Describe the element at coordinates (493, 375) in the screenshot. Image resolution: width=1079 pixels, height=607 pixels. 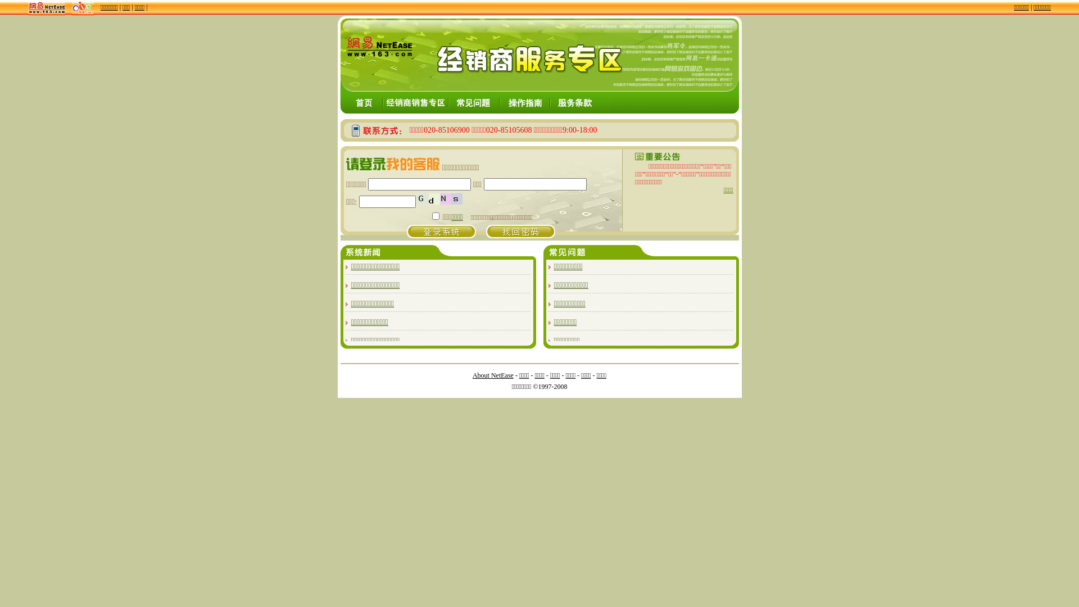
I see `'About NetEase'` at that location.